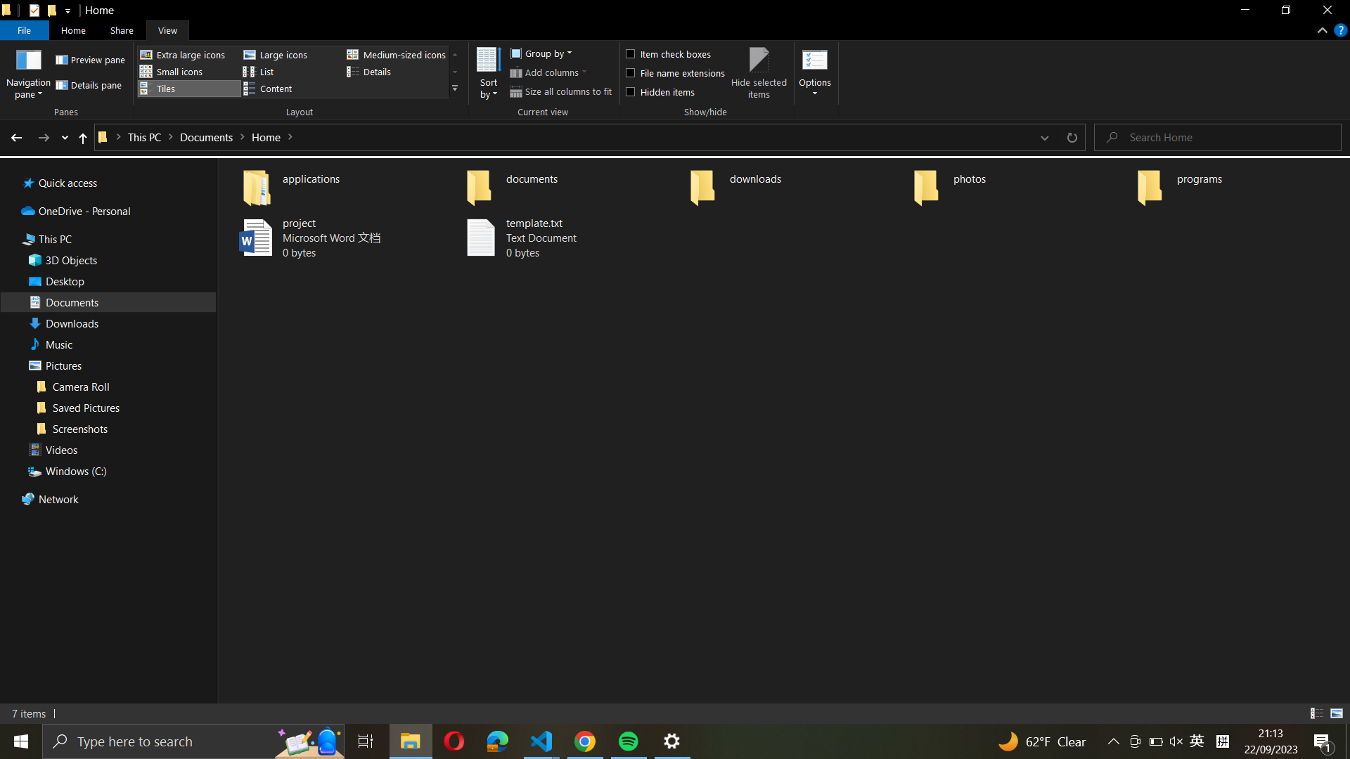  Describe the element at coordinates (796, 183) in the screenshot. I see `Go to the "downloads" directory and highlight every file in it` at that location.